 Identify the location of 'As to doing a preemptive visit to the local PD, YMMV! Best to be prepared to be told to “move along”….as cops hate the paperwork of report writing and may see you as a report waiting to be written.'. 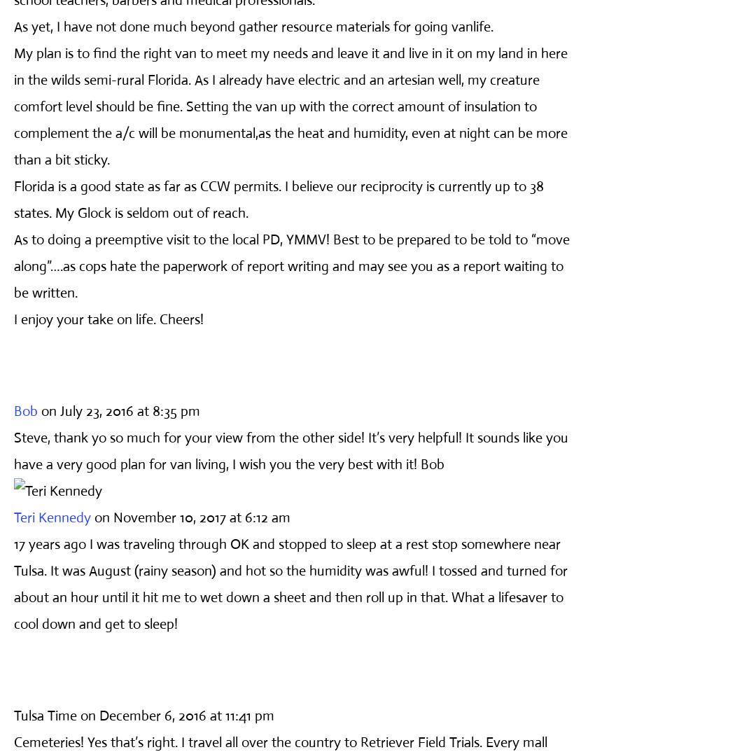
(290, 265).